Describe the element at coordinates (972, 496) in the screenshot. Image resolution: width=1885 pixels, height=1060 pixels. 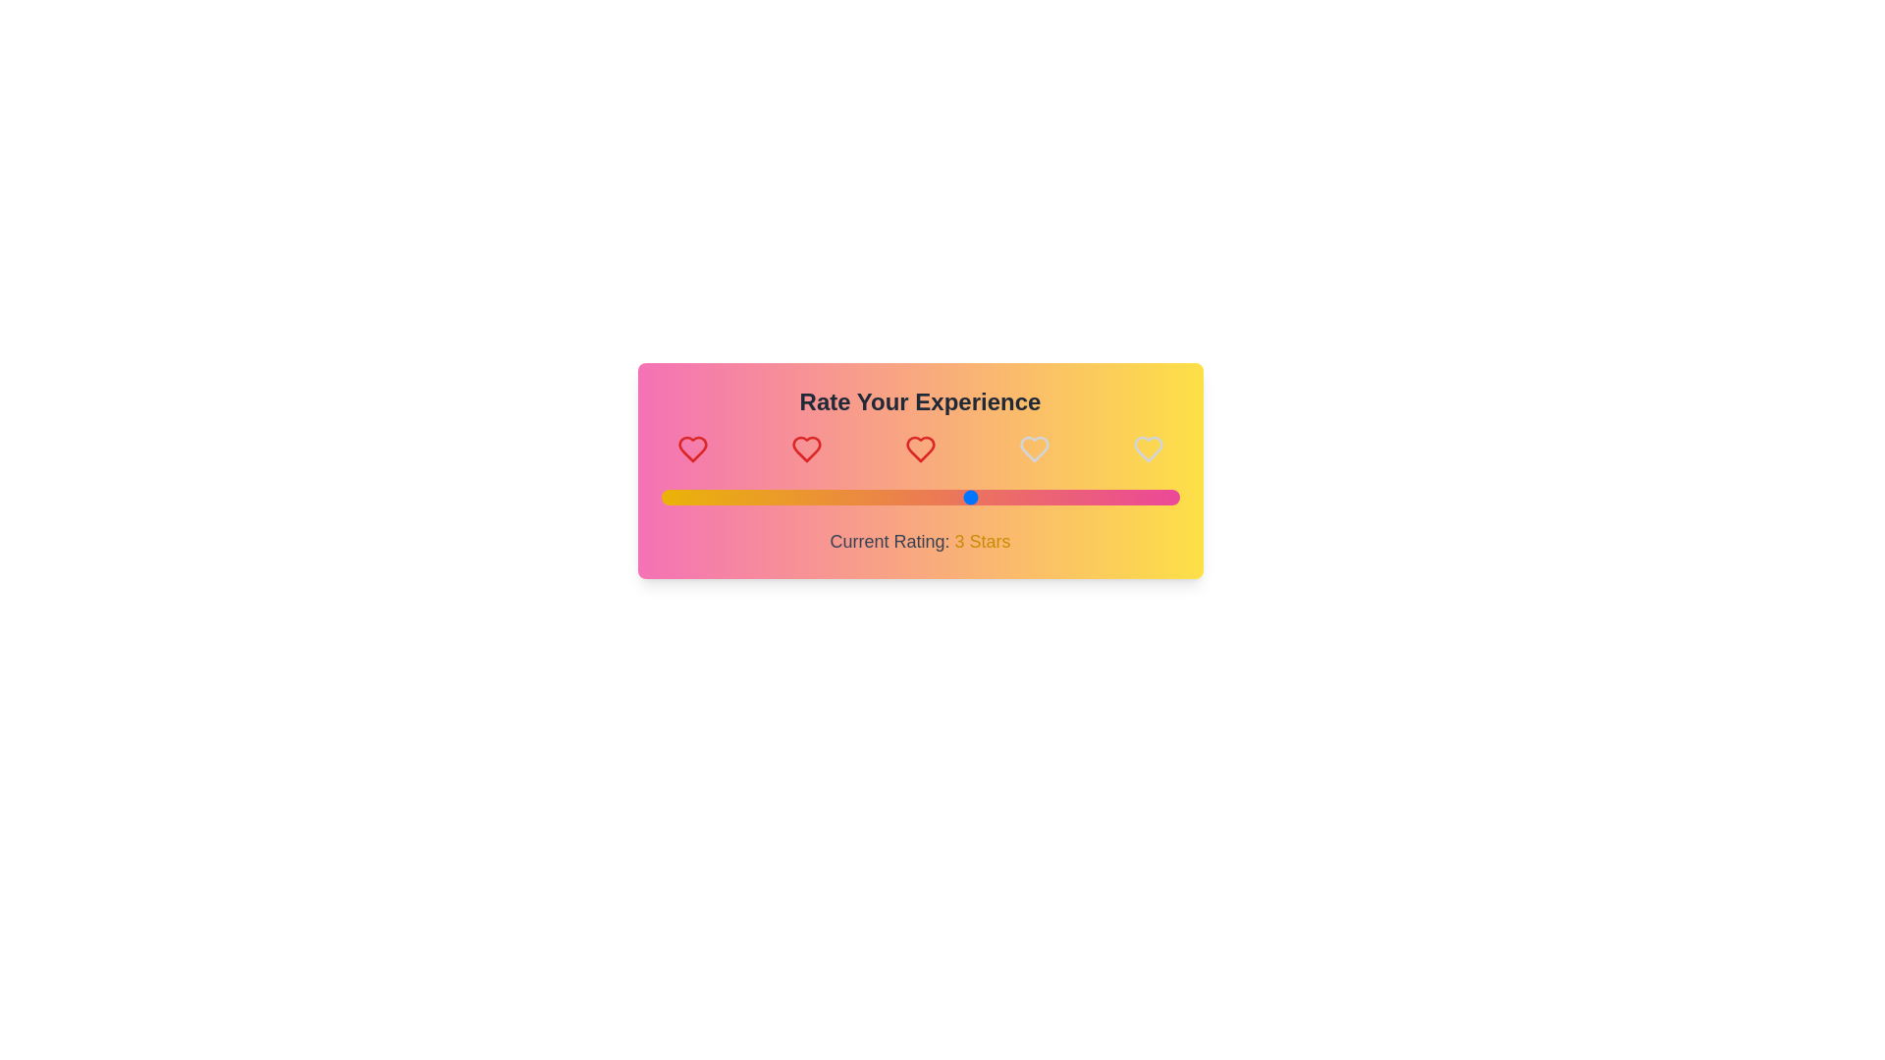
I see `the rating slider to 3 stars` at that location.